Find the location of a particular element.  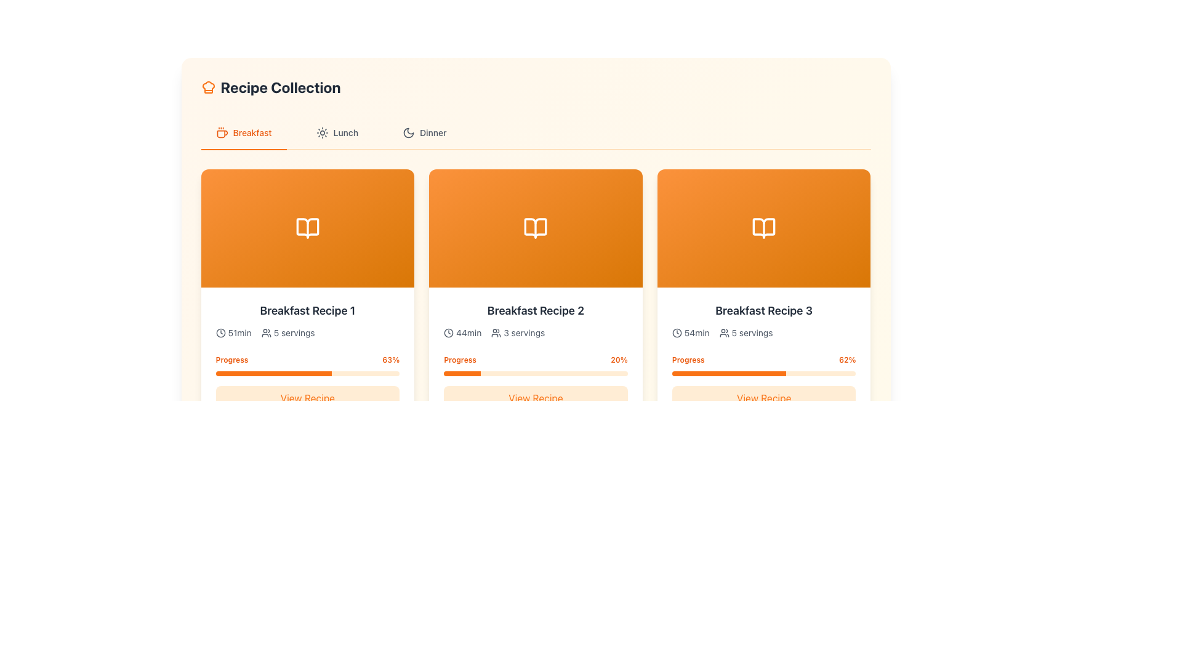

the moon-shaped icon associated with the 'Dinner' label in the horizontal tab menu at the top of the interface is located at coordinates (408, 133).